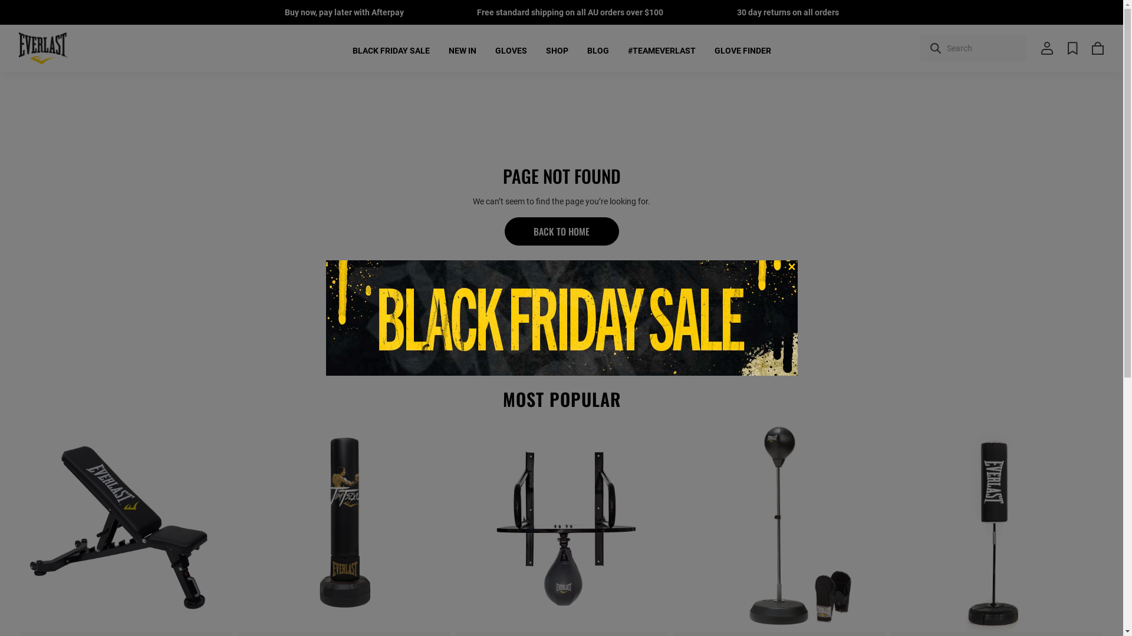  Describe the element at coordinates (736, 12) in the screenshot. I see `'30 day returns on all orders'` at that location.